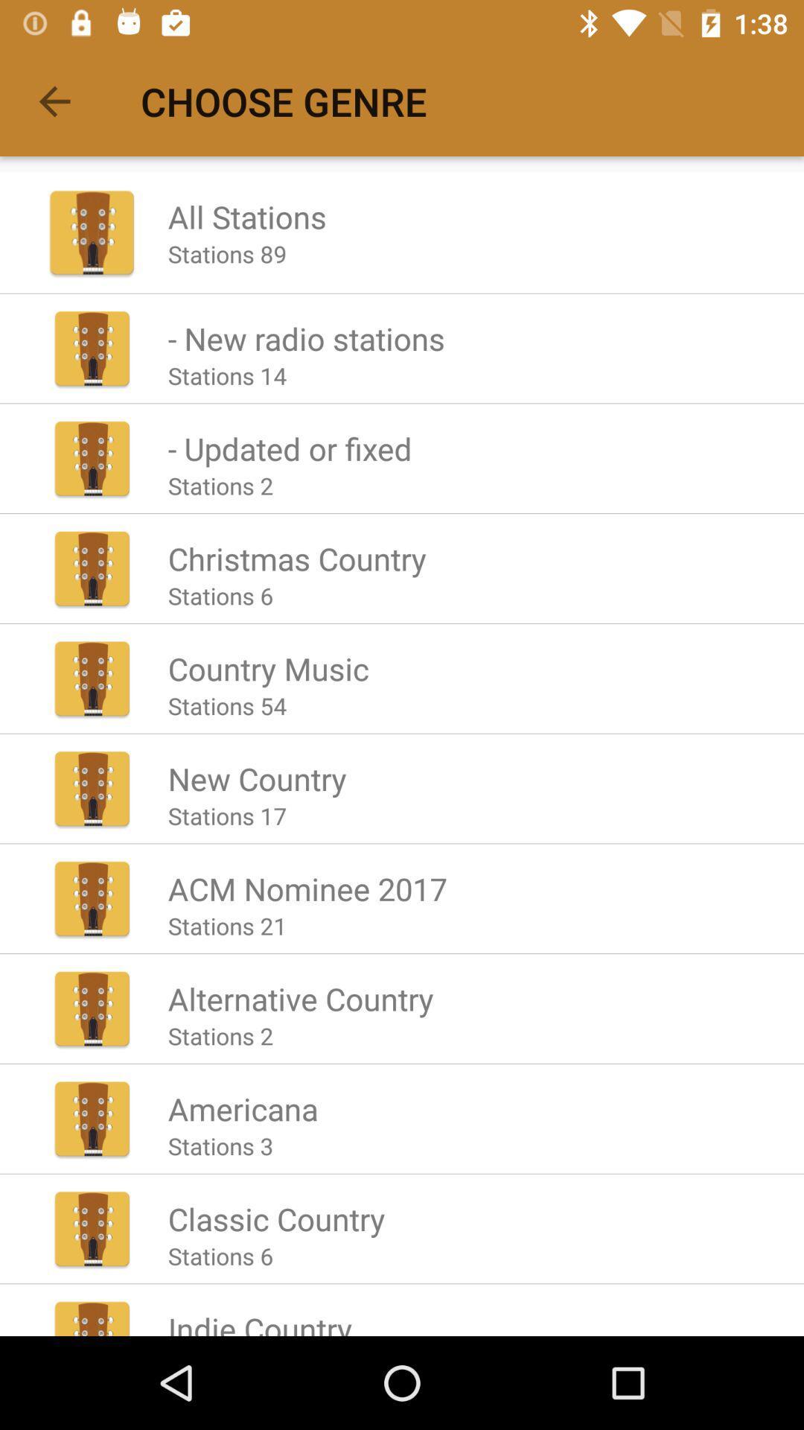 Image resolution: width=804 pixels, height=1430 pixels. I want to click on the stations 54 icon, so click(227, 705).